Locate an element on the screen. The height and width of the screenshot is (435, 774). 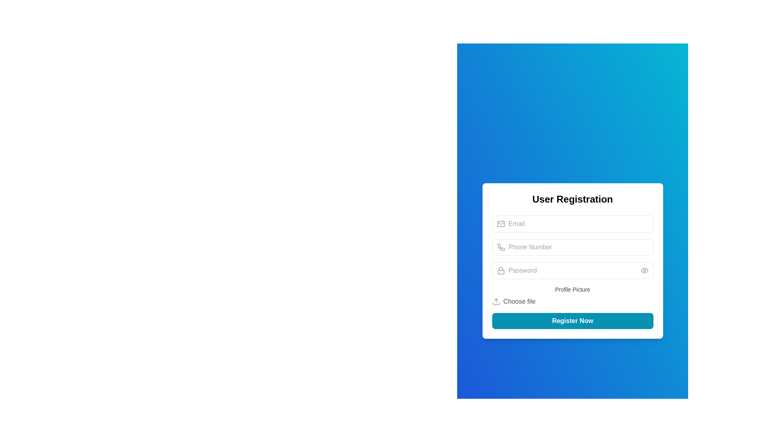
the 'Choose file' label, which is styled with the 'text-gray-600' class and positioned below the 'Profile Picture' label in the user registration form is located at coordinates (519, 301).